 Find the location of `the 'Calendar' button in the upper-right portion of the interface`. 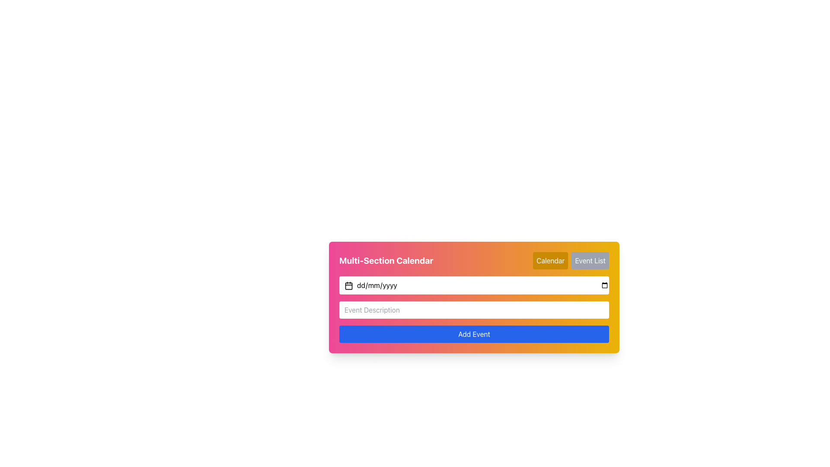

the 'Calendar' button in the upper-right portion of the interface is located at coordinates (550, 260).